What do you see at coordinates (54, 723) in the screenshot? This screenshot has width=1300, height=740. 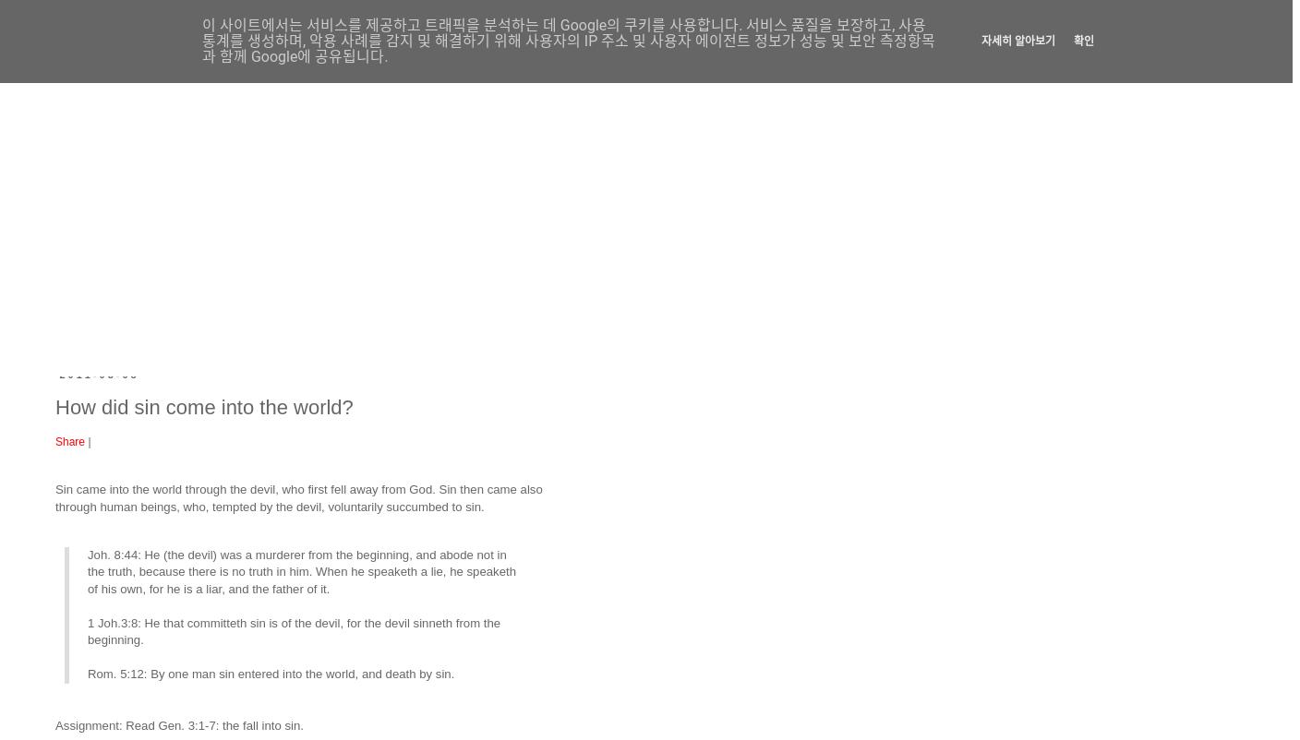 I see `'Assignment: Read Gen. 3:1-7: the fall into sin.'` at bounding box center [54, 723].